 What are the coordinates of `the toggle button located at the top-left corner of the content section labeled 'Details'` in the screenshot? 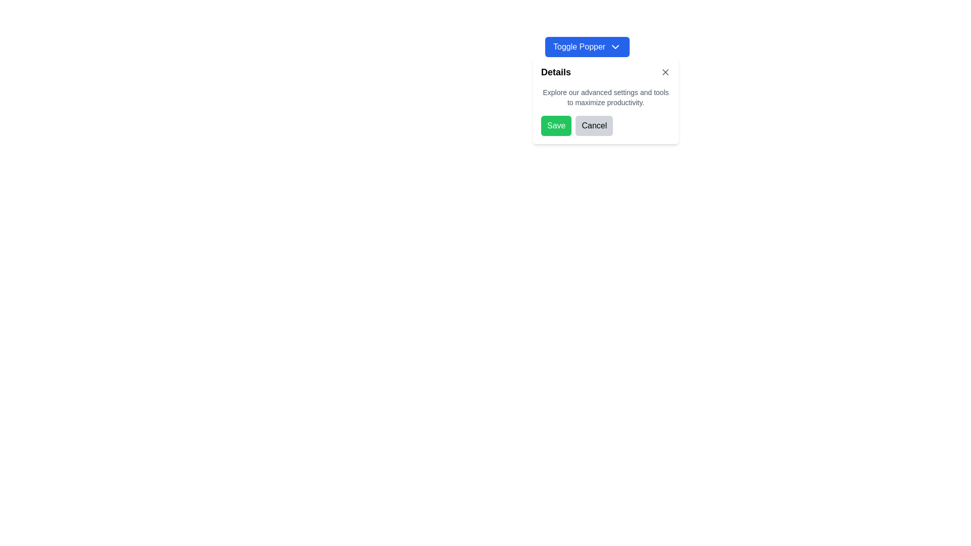 It's located at (587, 47).